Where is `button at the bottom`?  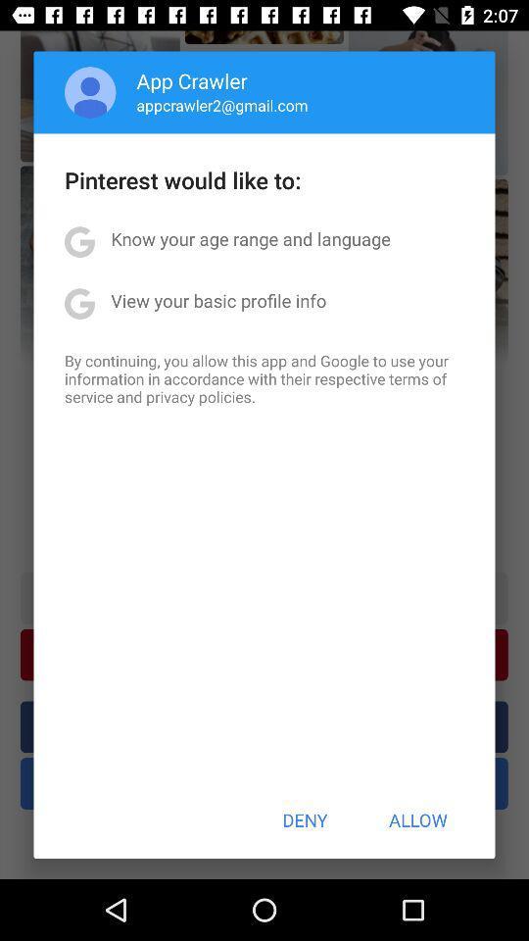
button at the bottom is located at coordinates (305, 819).